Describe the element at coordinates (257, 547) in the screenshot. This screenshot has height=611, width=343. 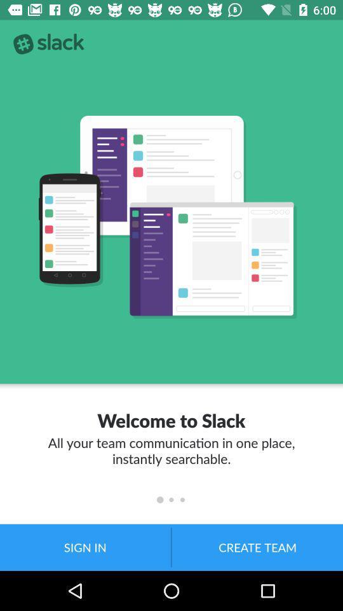
I see `the create team` at that location.